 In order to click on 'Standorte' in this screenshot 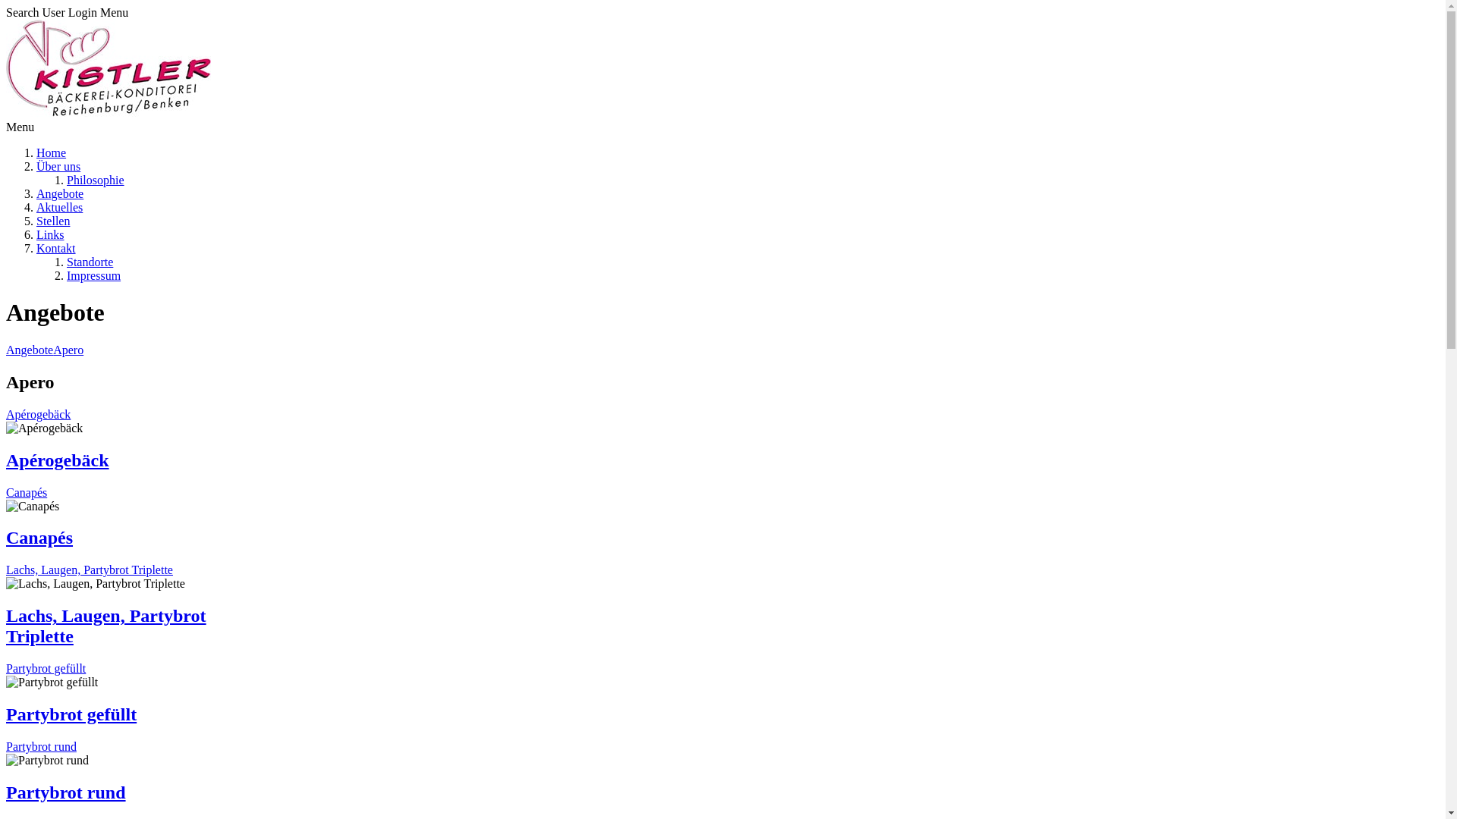, I will do `click(89, 261)`.